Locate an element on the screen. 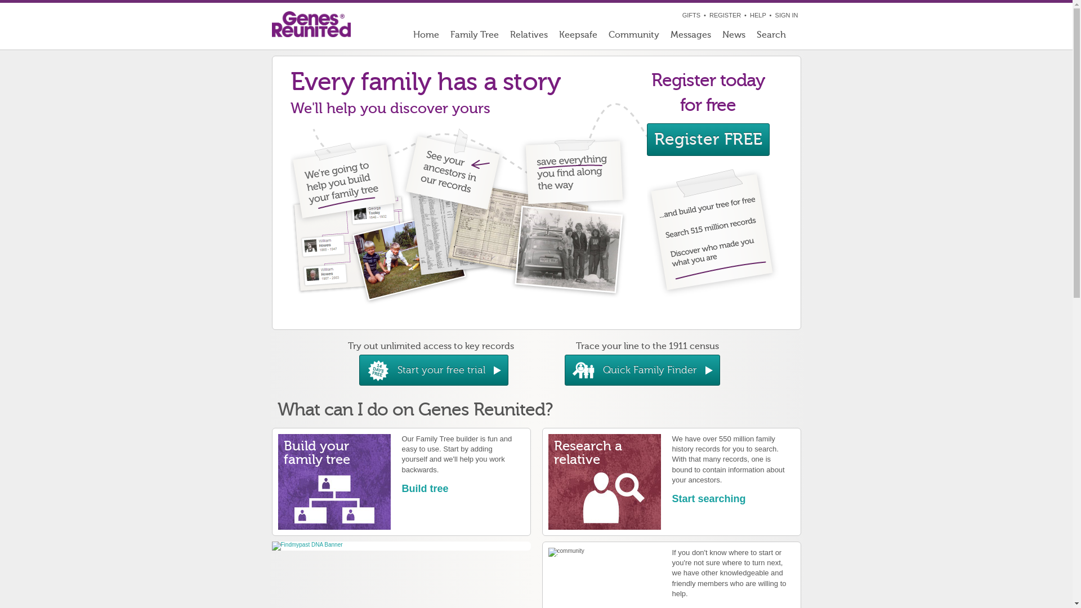 This screenshot has height=608, width=1081. 'Messages' is located at coordinates (689, 37).